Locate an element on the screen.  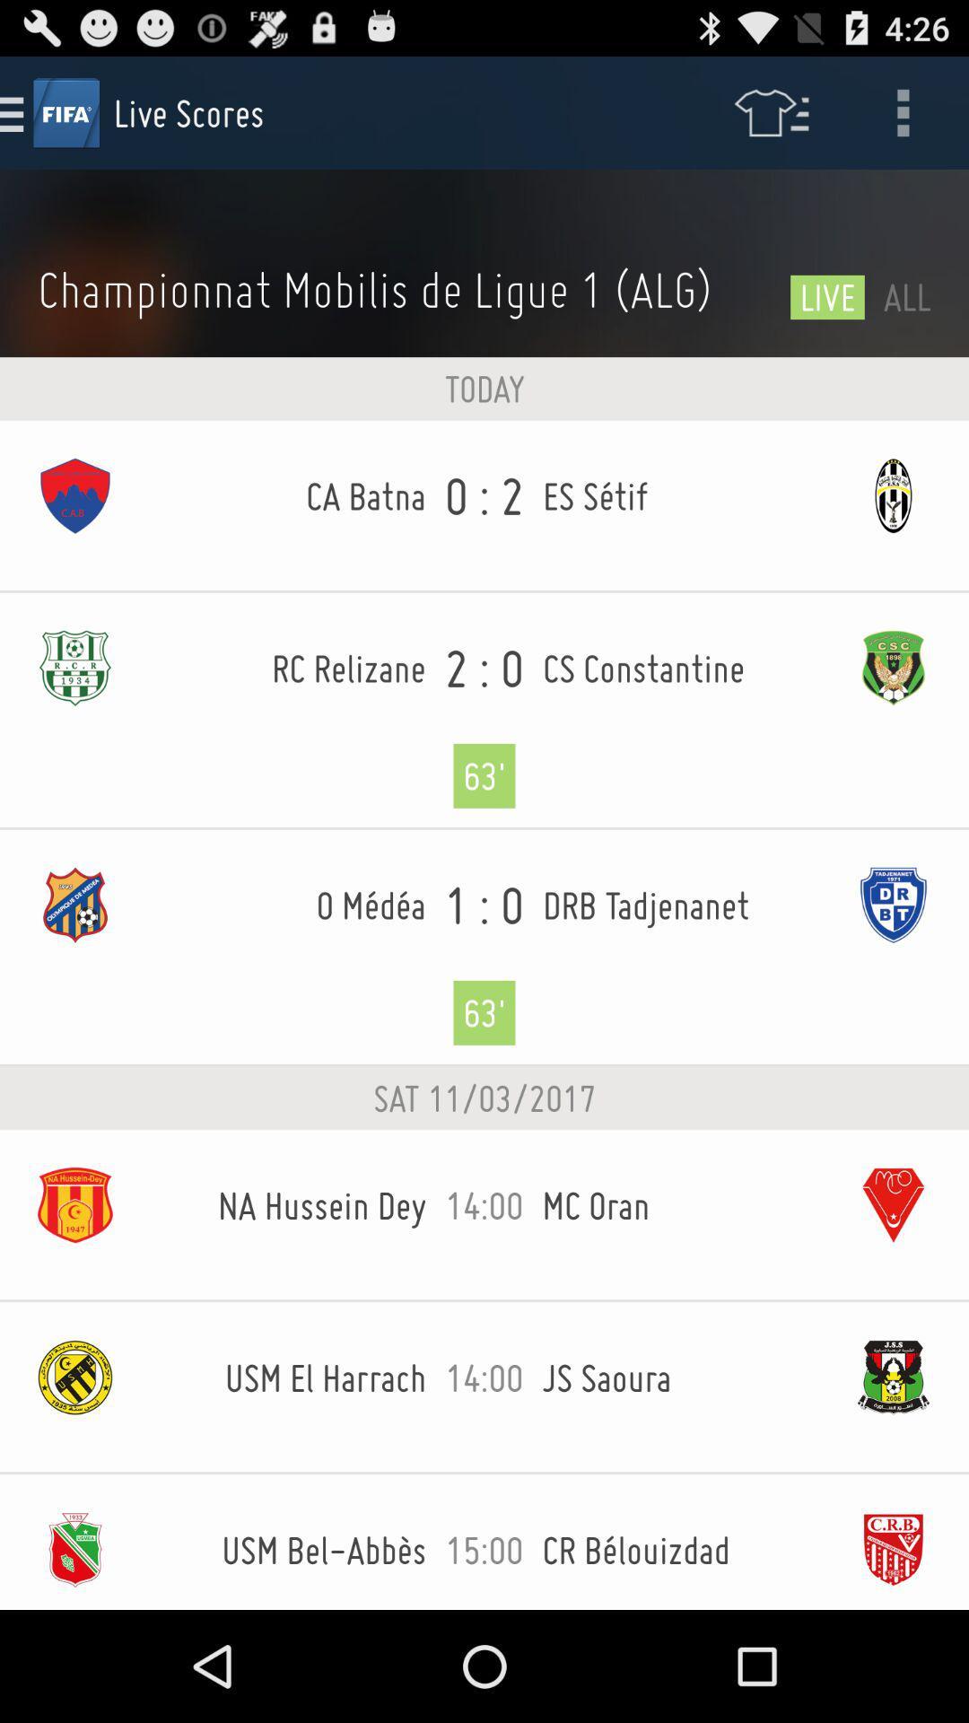
the js saoura icon is located at coordinates (680, 1377).